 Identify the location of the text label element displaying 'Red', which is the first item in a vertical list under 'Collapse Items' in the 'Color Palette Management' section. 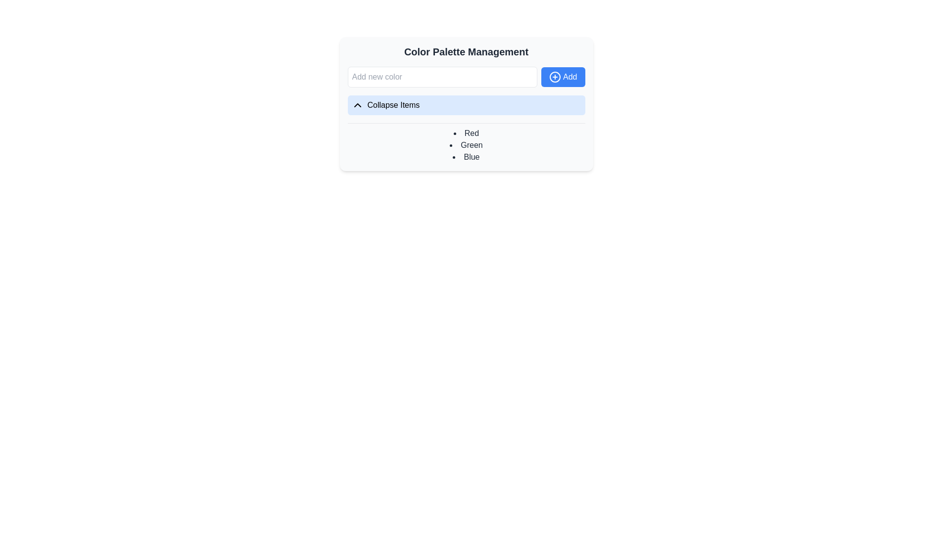
(466, 133).